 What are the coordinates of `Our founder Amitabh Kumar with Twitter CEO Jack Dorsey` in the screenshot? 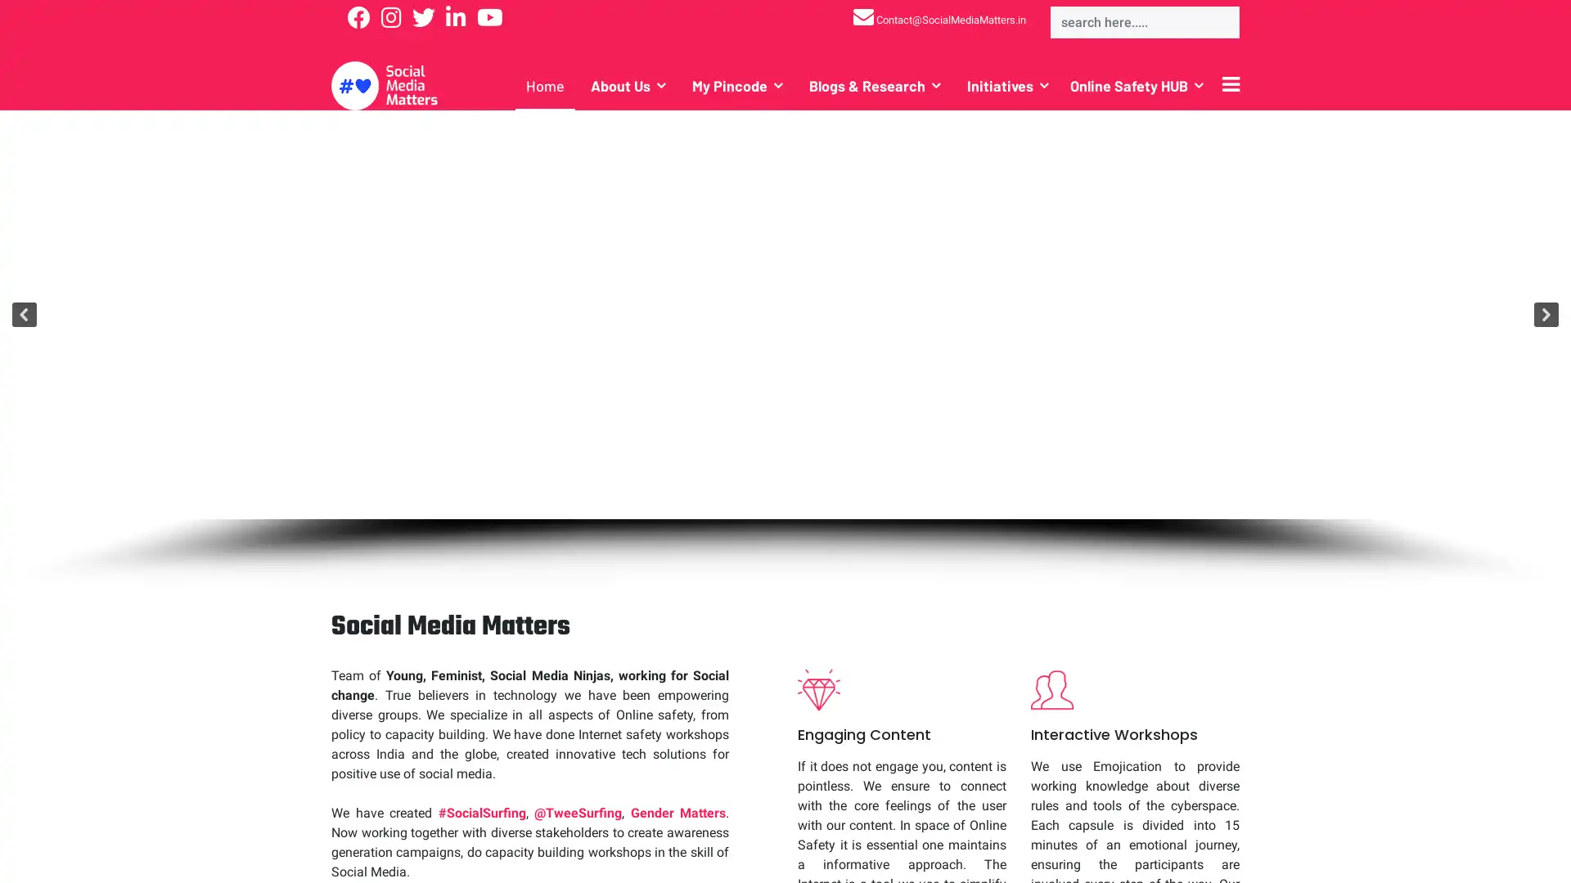 It's located at (793, 503).